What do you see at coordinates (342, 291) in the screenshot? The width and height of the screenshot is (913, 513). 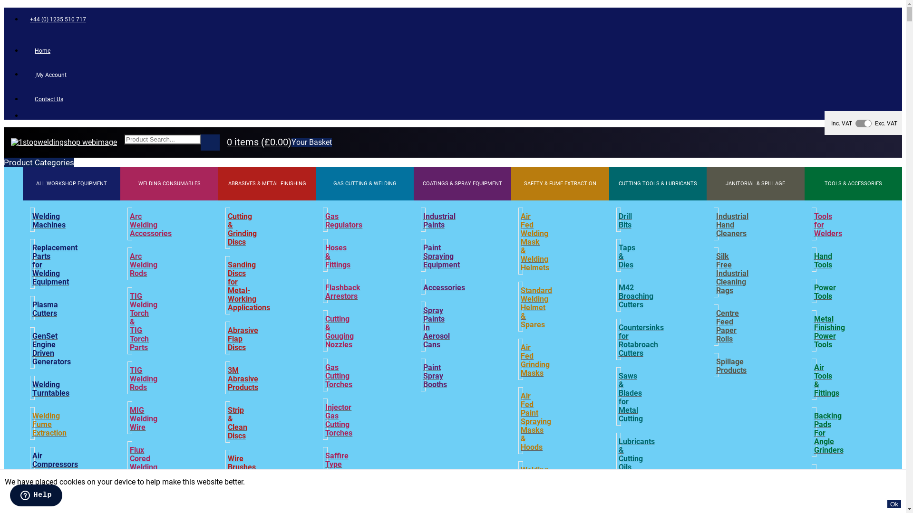 I see `'Flashback Arrestors'` at bounding box center [342, 291].